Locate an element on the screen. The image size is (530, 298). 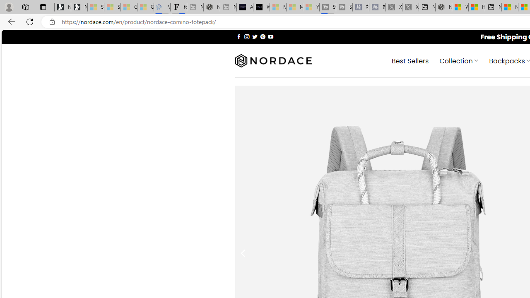
'X - Sleeping' is located at coordinates (410, 7).